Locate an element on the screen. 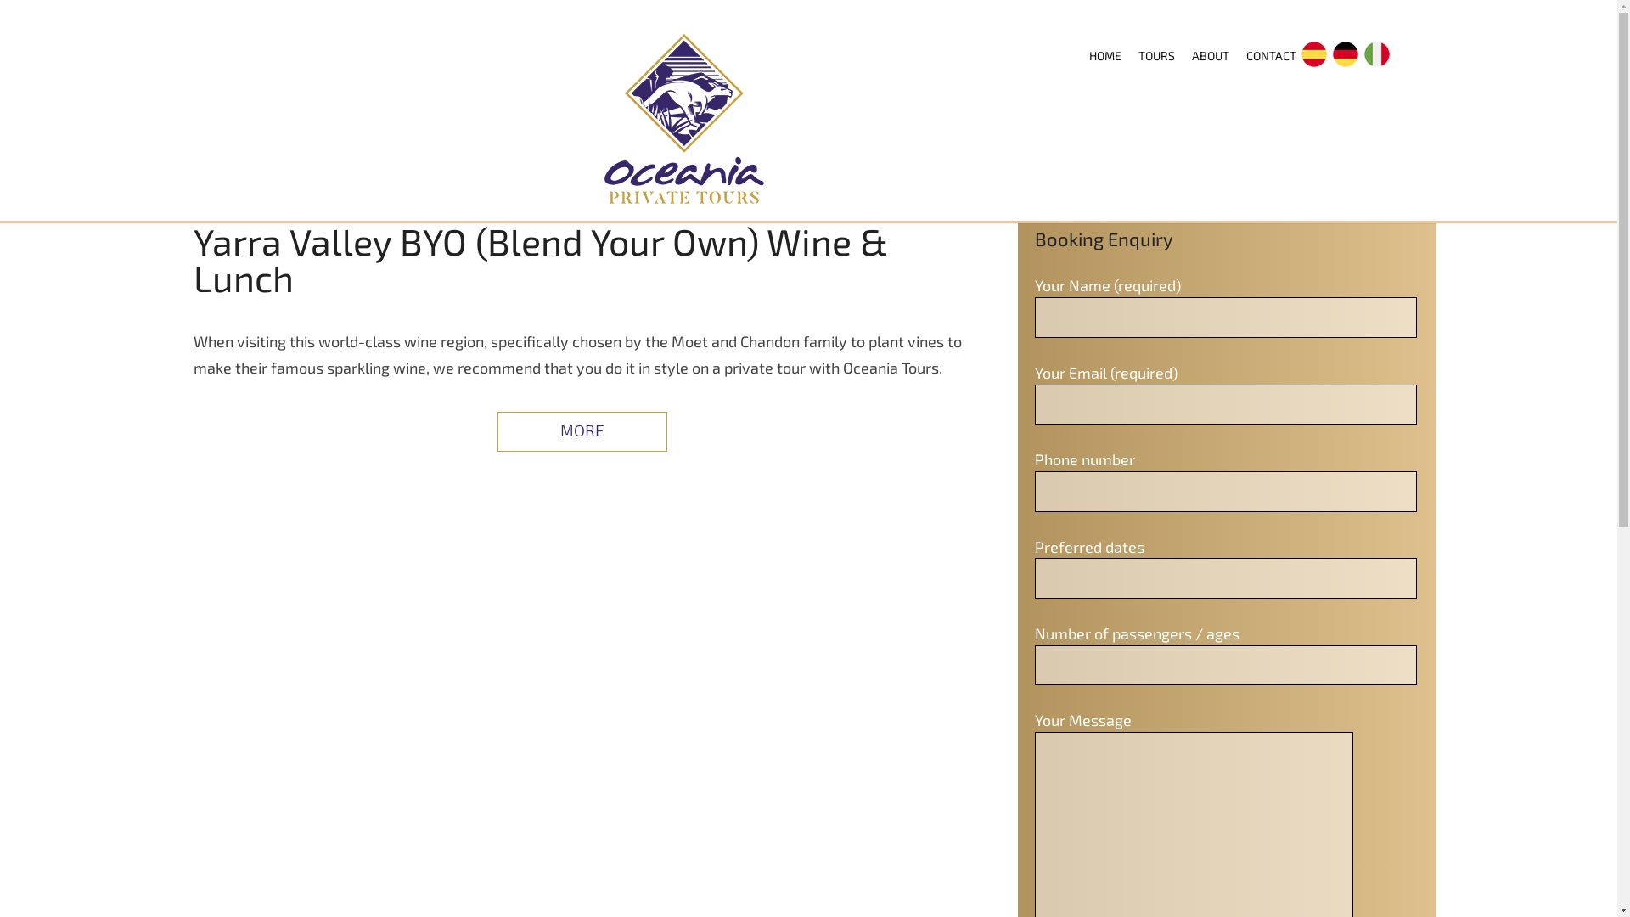 The image size is (1630, 917). 'TOURS' is located at coordinates (1147, 54).